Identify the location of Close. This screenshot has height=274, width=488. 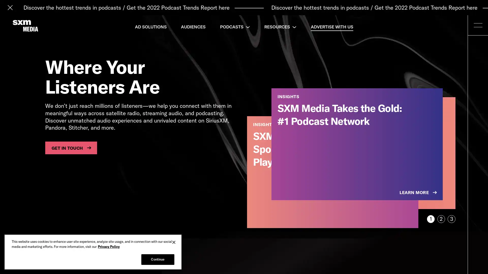
(174, 242).